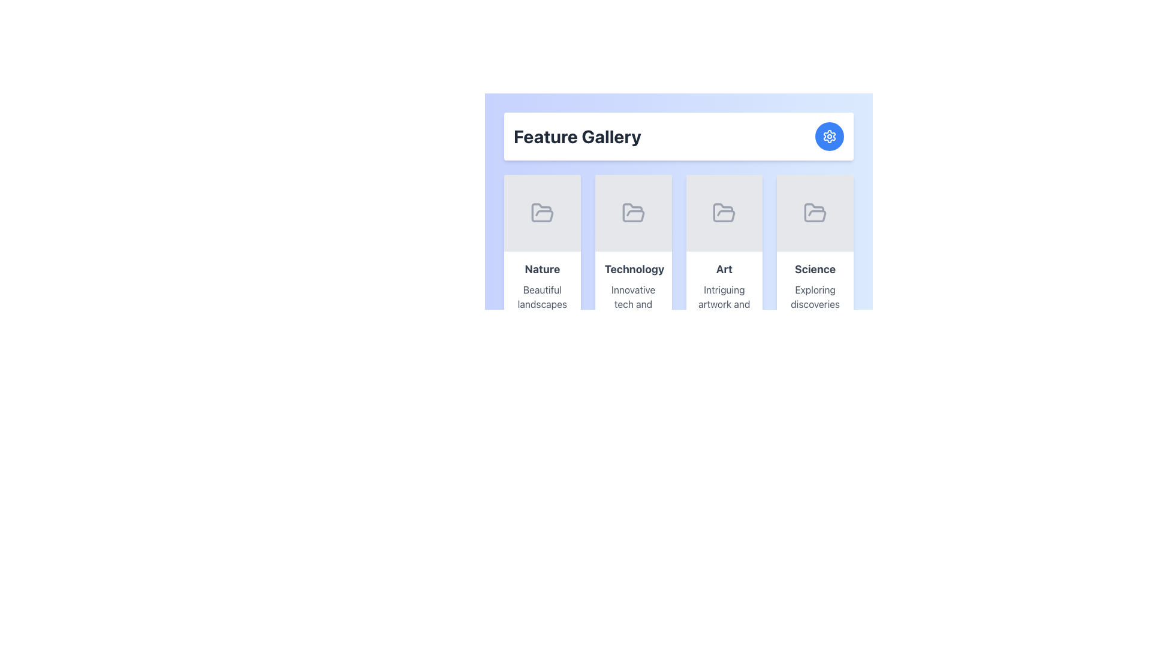 Image resolution: width=1151 pixels, height=647 pixels. Describe the element at coordinates (632, 212) in the screenshot. I see `the 'Technology' Icon` at that location.